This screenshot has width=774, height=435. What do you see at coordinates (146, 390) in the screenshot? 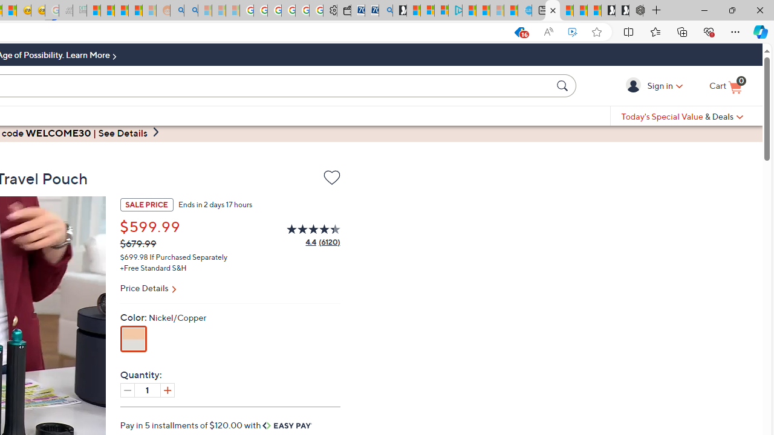
I see `'Quantity'` at bounding box center [146, 390].